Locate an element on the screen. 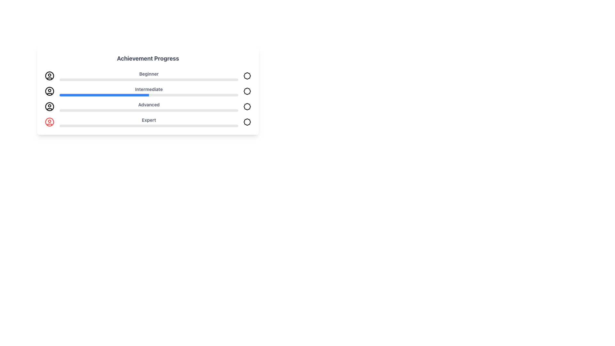 The width and height of the screenshot is (615, 346). the highlighted progress segment within the second progress bar under the 'Intermediate' label, which visually represents a portion of progress is located at coordinates (104, 95).